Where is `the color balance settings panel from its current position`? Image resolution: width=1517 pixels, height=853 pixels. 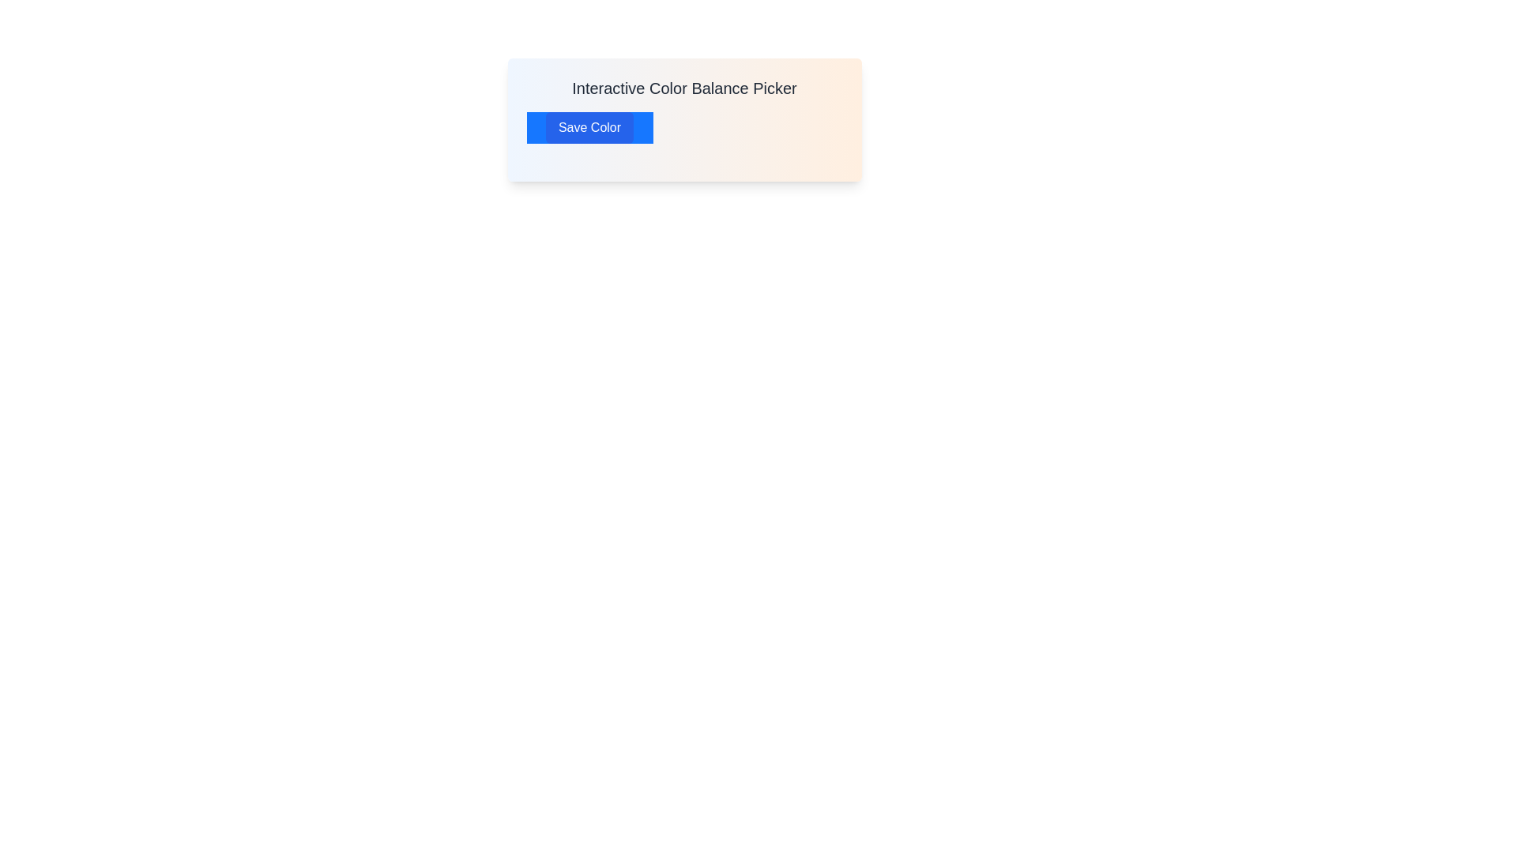
the color balance settings panel from its current position is located at coordinates (684, 118).